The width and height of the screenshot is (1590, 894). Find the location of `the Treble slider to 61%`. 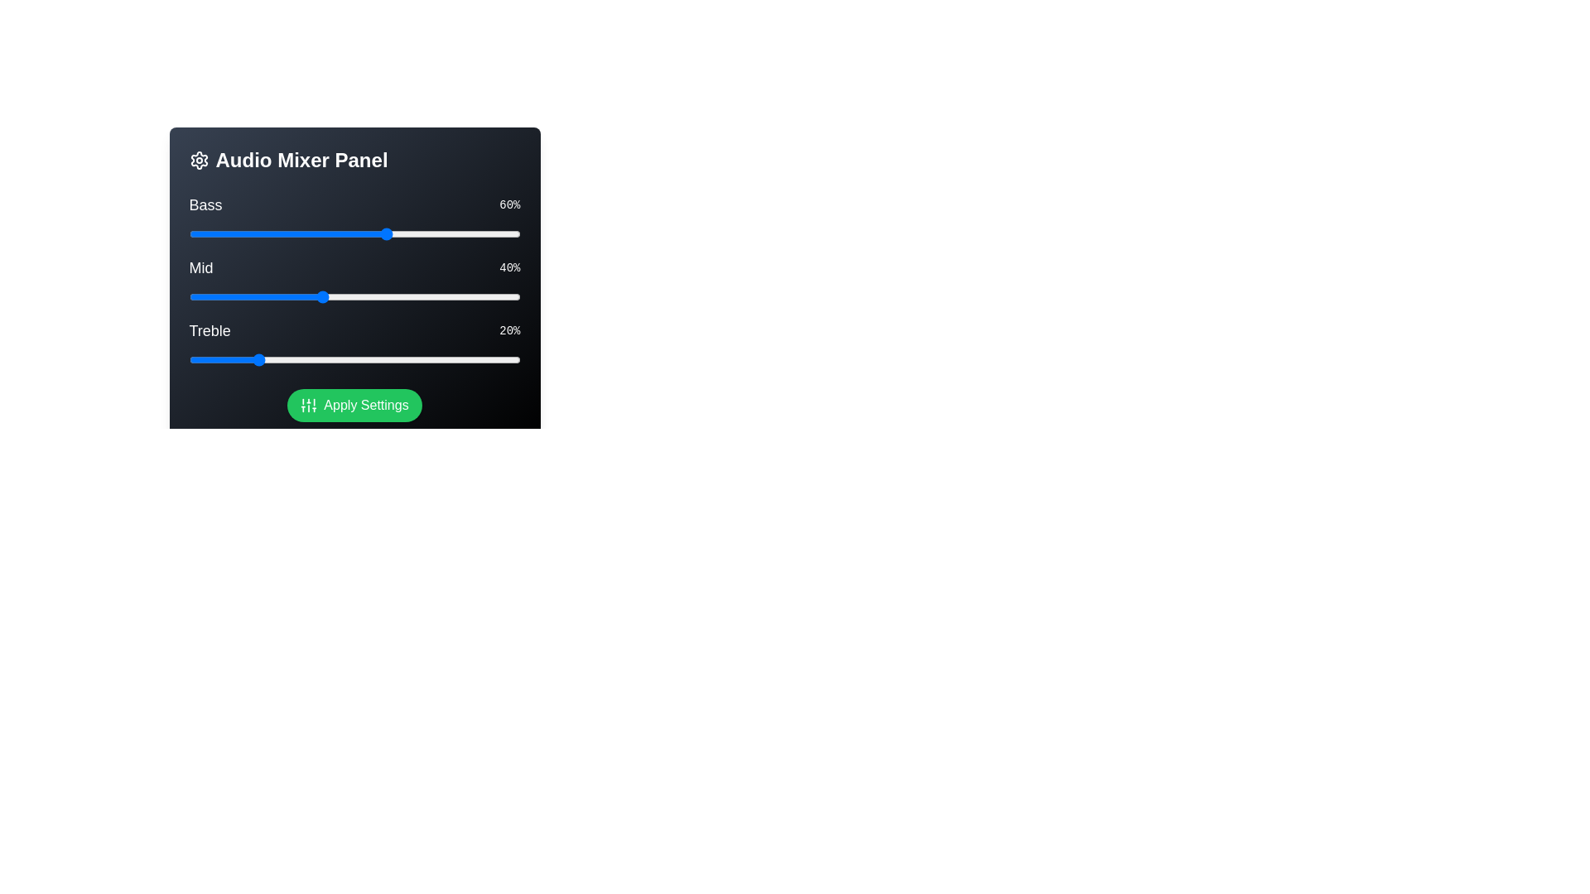

the Treble slider to 61% is located at coordinates (390, 359).